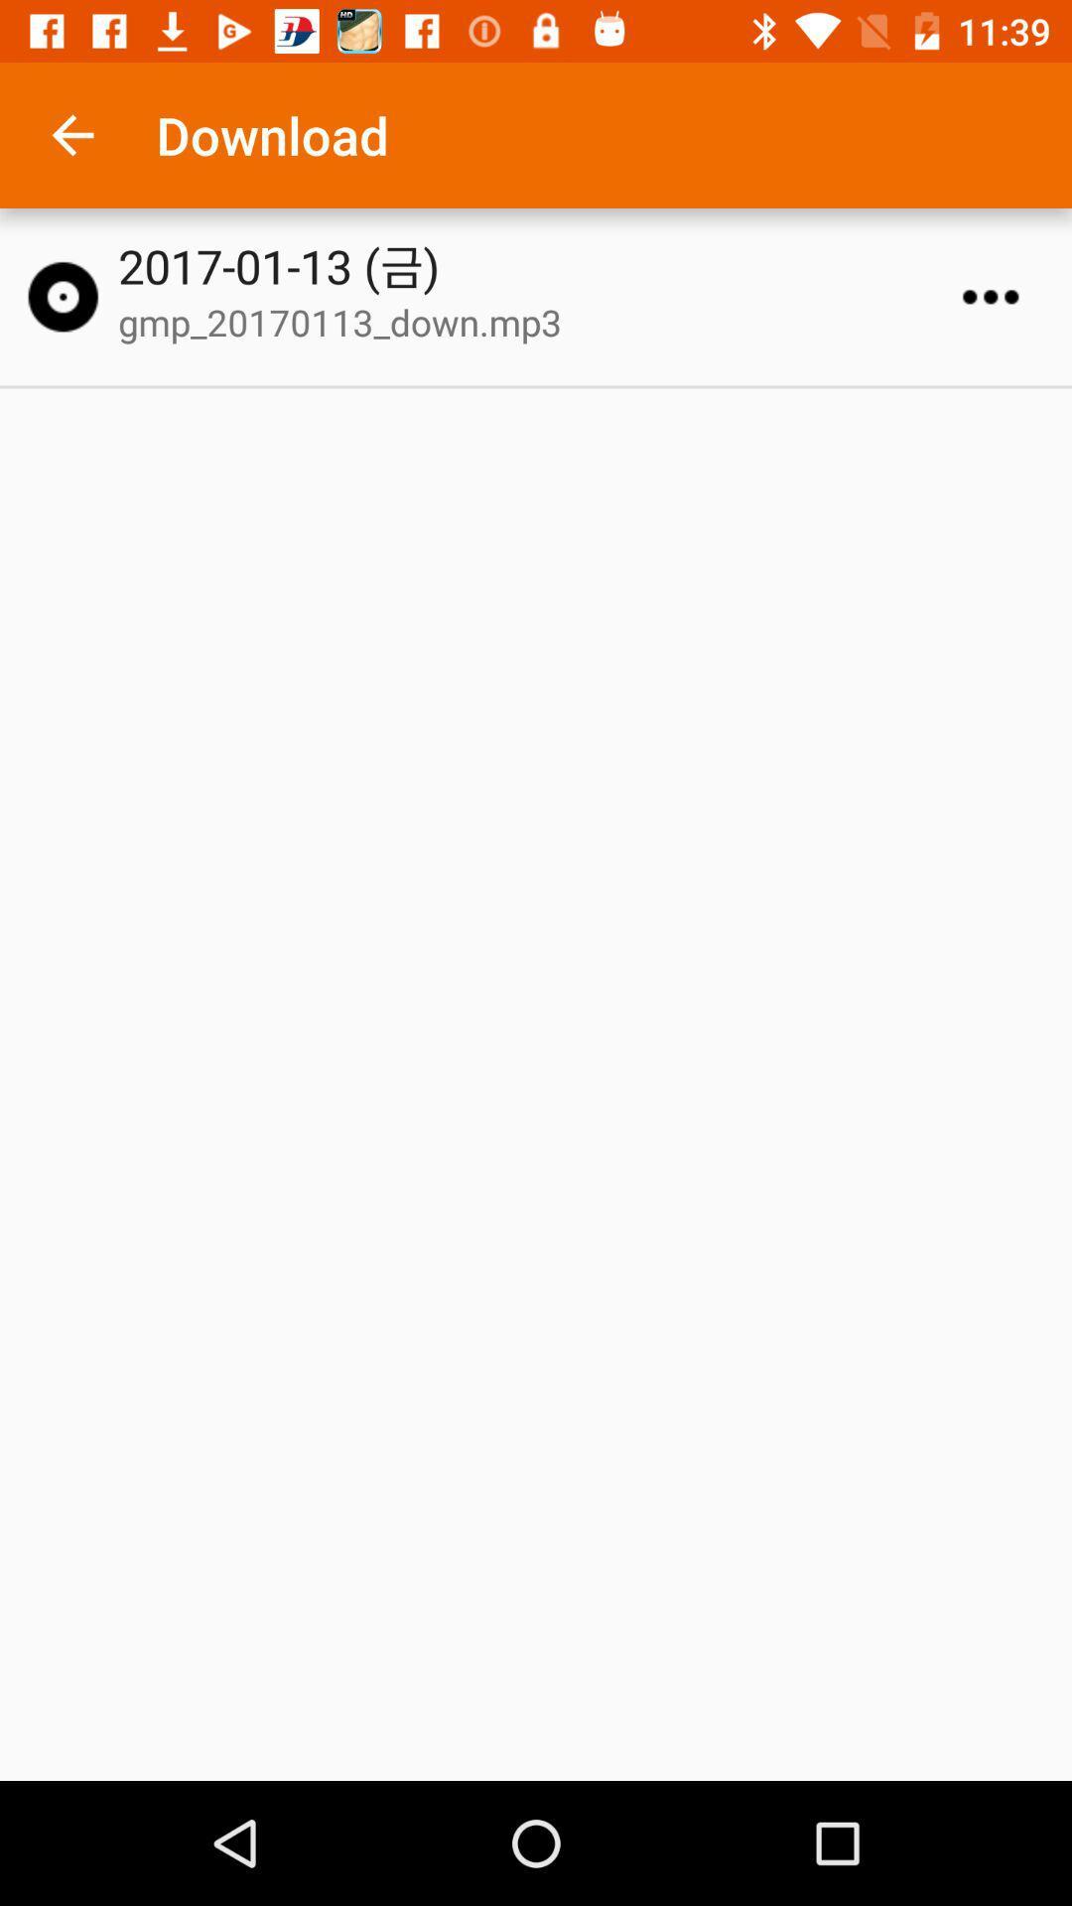 Image resolution: width=1072 pixels, height=1906 pixels. I want to click on the 2017 01 13 icon, so click(545, 265).